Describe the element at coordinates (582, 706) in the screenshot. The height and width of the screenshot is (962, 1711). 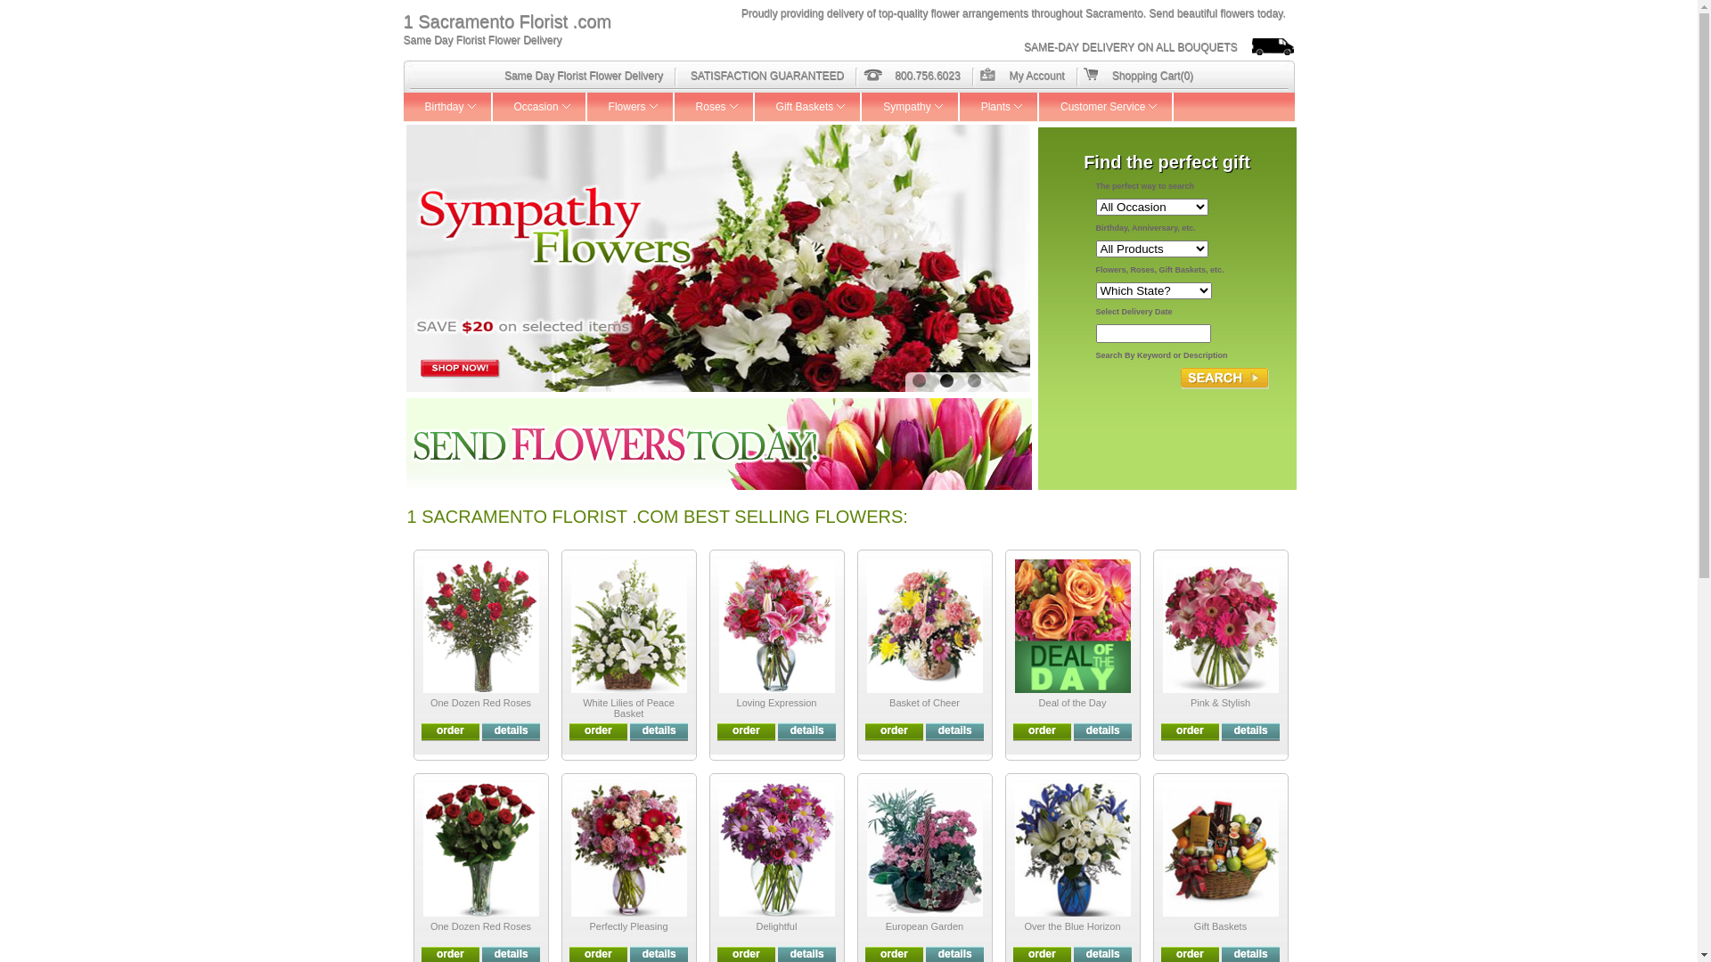
I see `'White Lilies of Peace Basket'` at that location.